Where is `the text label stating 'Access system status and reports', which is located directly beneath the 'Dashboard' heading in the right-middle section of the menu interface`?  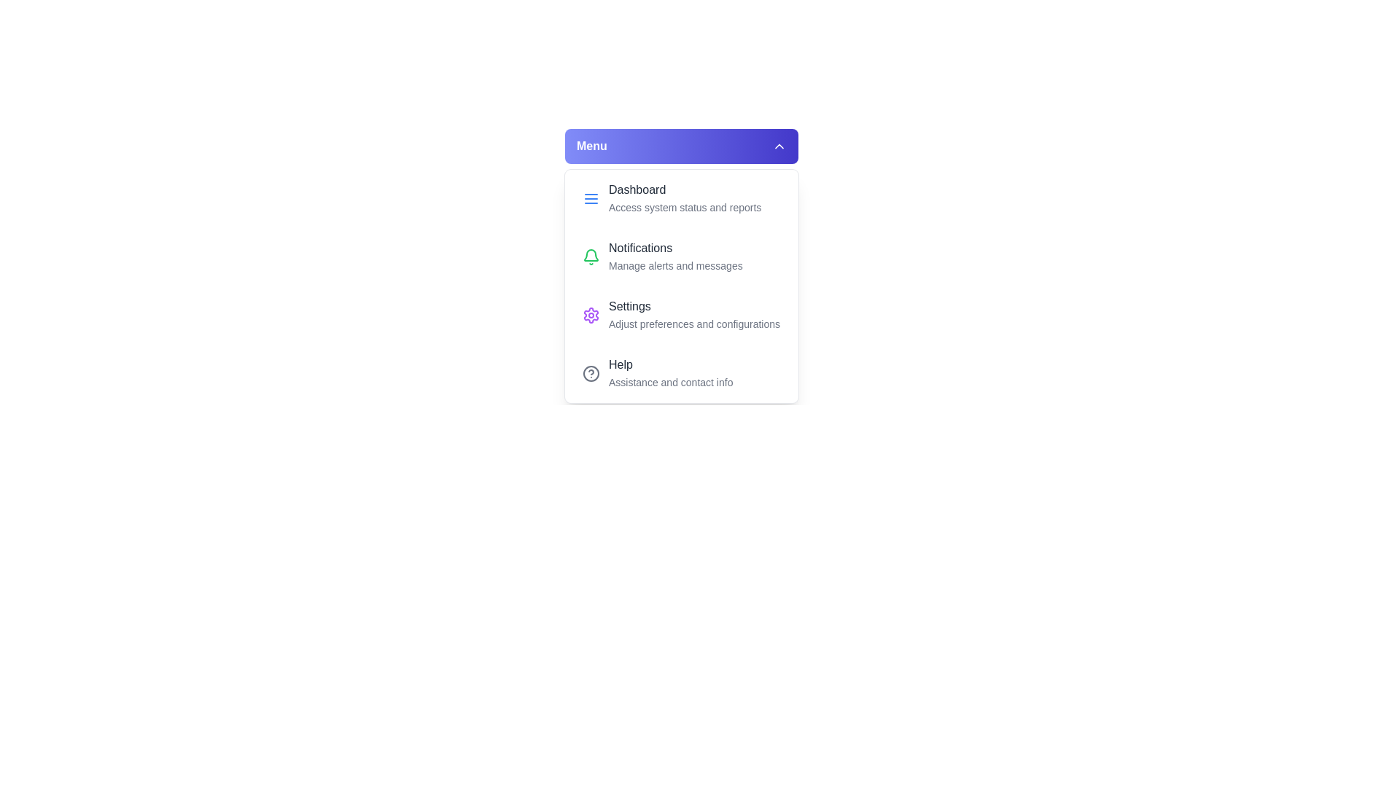
the text label stating 'Access system status and reports', which is located directly beneath the 'Dashboard' heading in the right-middle section of the menu interface is located at coordinates (684, 208).